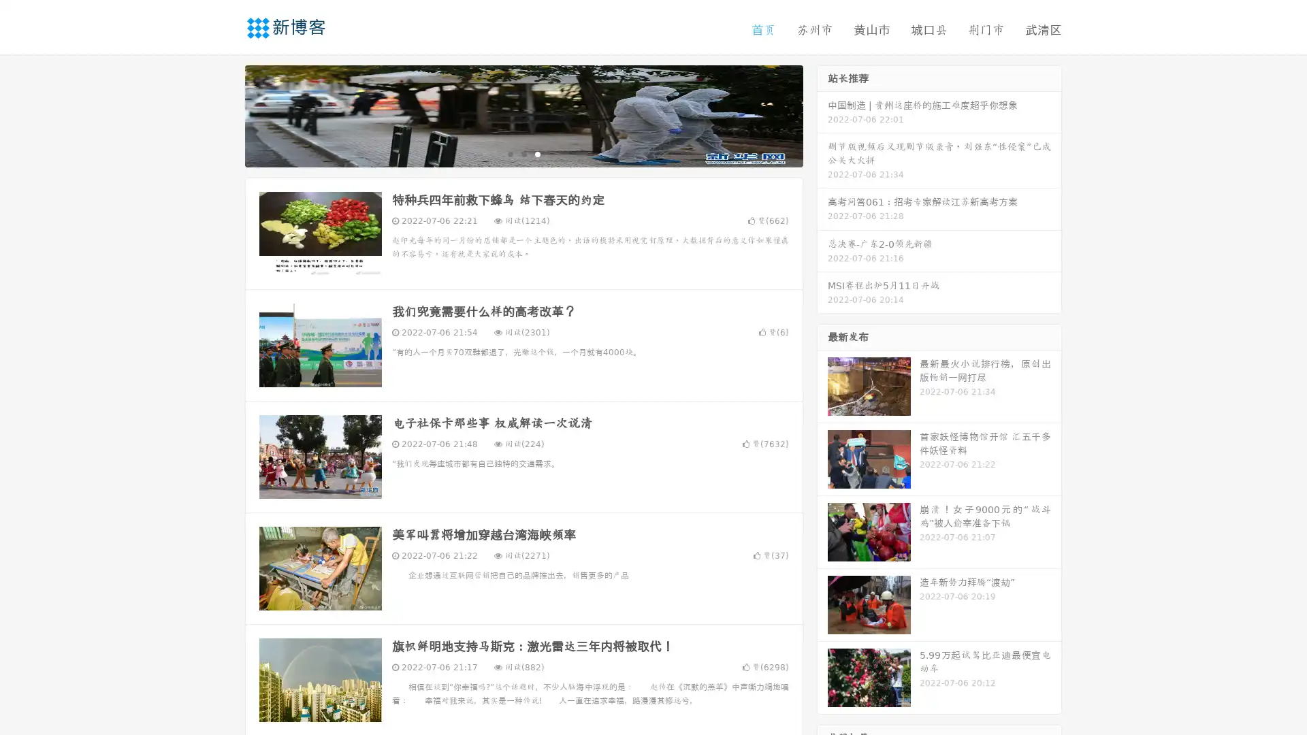  I want to click on Go to slide 1, so click(509, 153).